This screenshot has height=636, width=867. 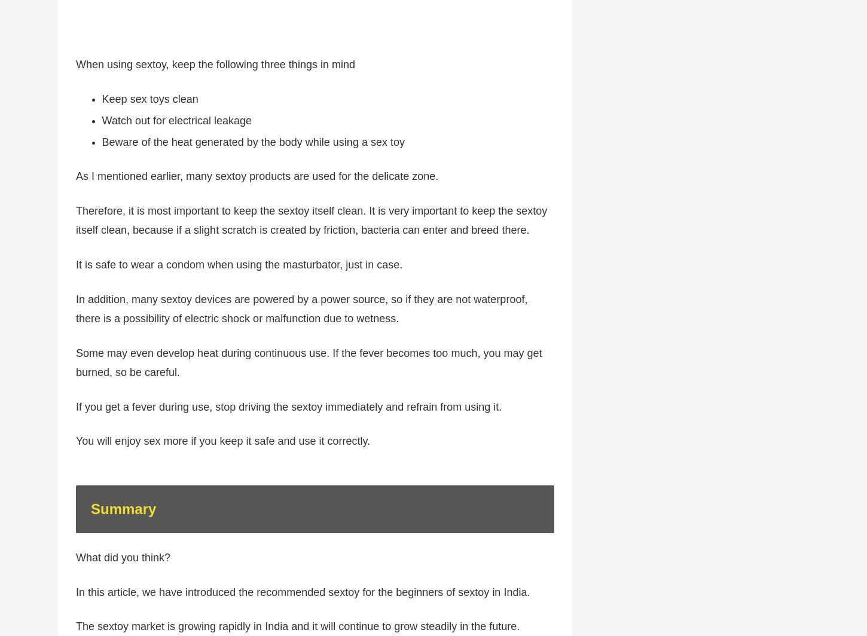 What do you see at coordinates (309, 369) in the screenshot?
I see `'Some may even develop heat during continuous use. If the fever becomes too much, you may get burned, so be careful.'` at bounding box center [309, 369].